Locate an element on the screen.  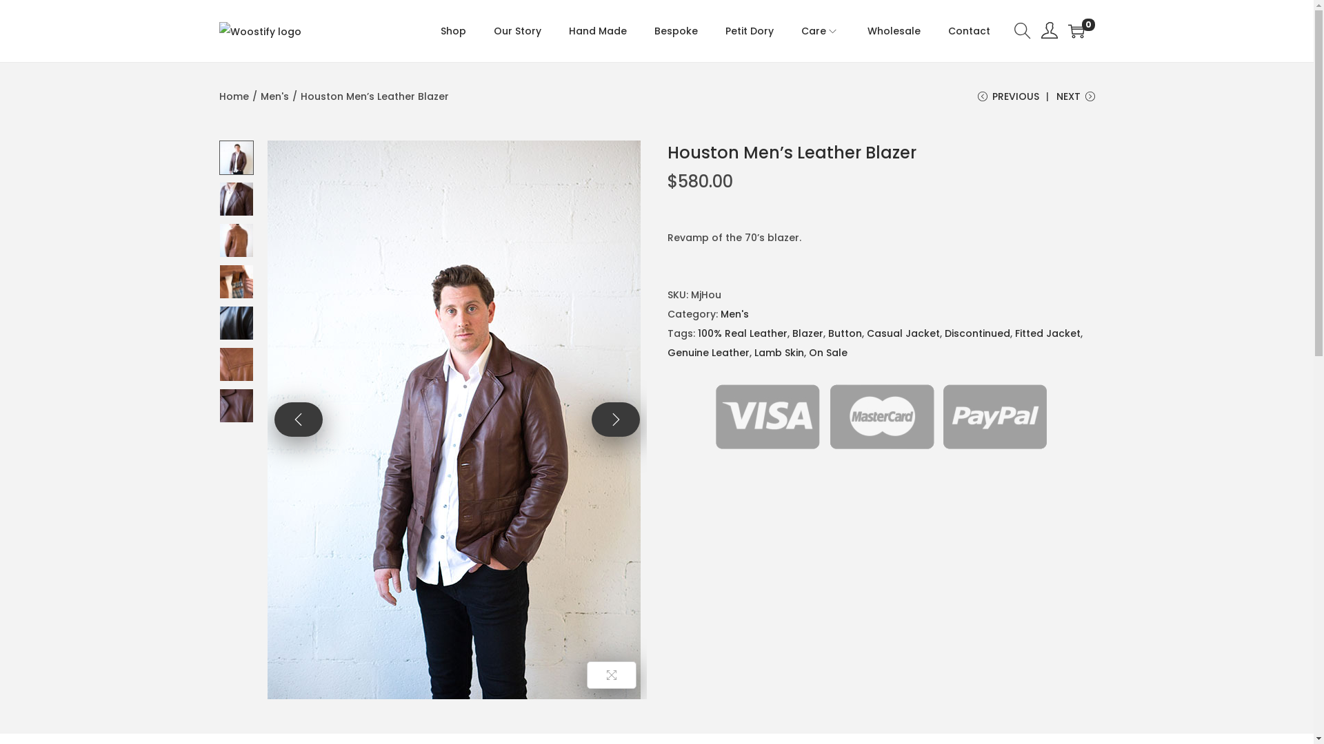
'Casual Jacket' is located at coordinates (903, 333).